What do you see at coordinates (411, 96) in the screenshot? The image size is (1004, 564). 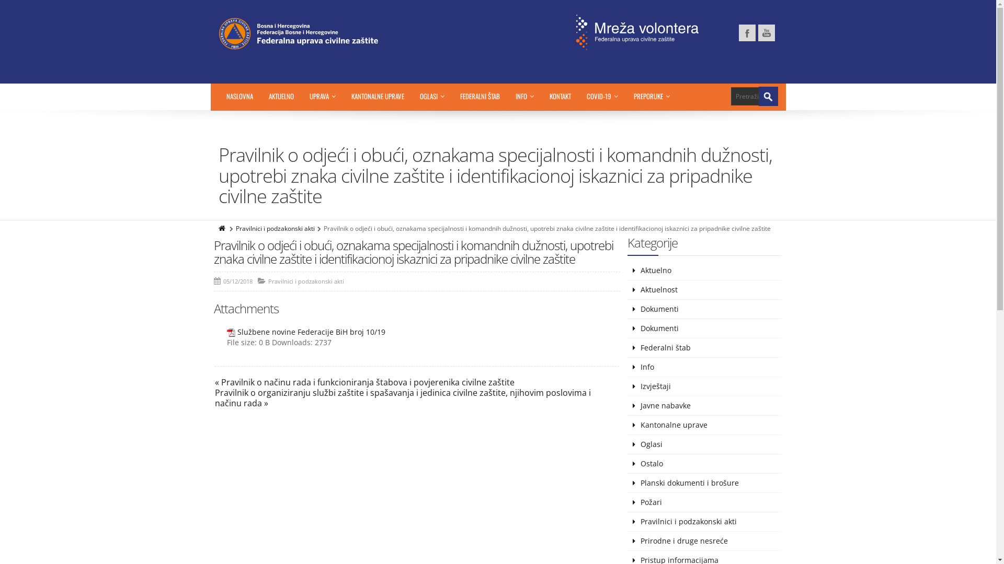 I see `'OGLASI'` at bounding box center [411, 96].